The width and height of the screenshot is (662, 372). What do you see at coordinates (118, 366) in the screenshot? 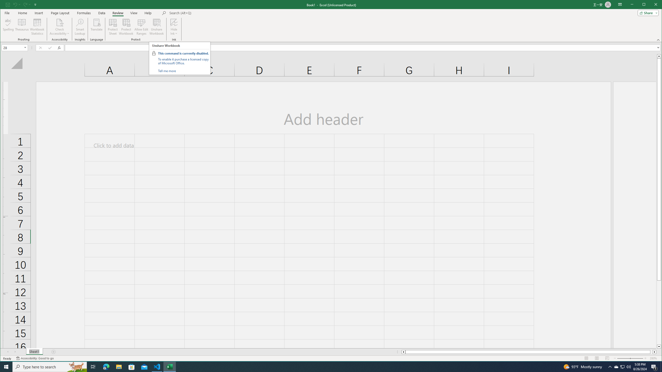
I see `'File Explorer'` at bounding box center [118, 366].